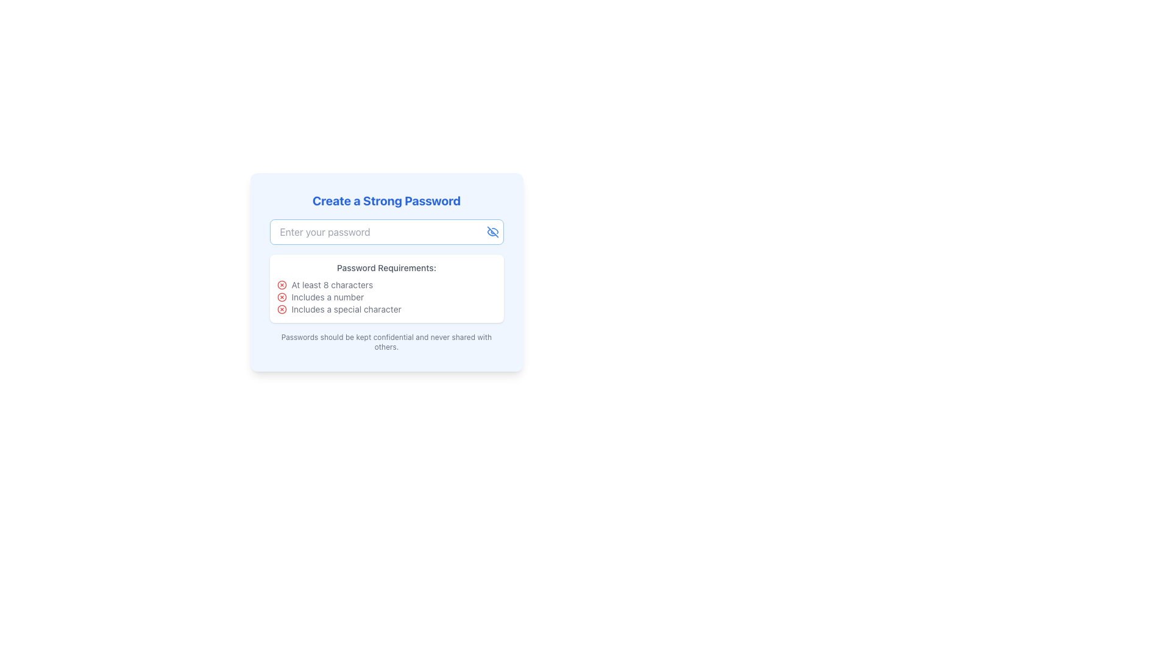 The height and width of the screenshot is (658, 1170). I want to click on the graphical indicator (circle) that visually indicates an error or unmet requirement, positioned in the upper part of the password requirements section within a dialog box, so click(281, 297).